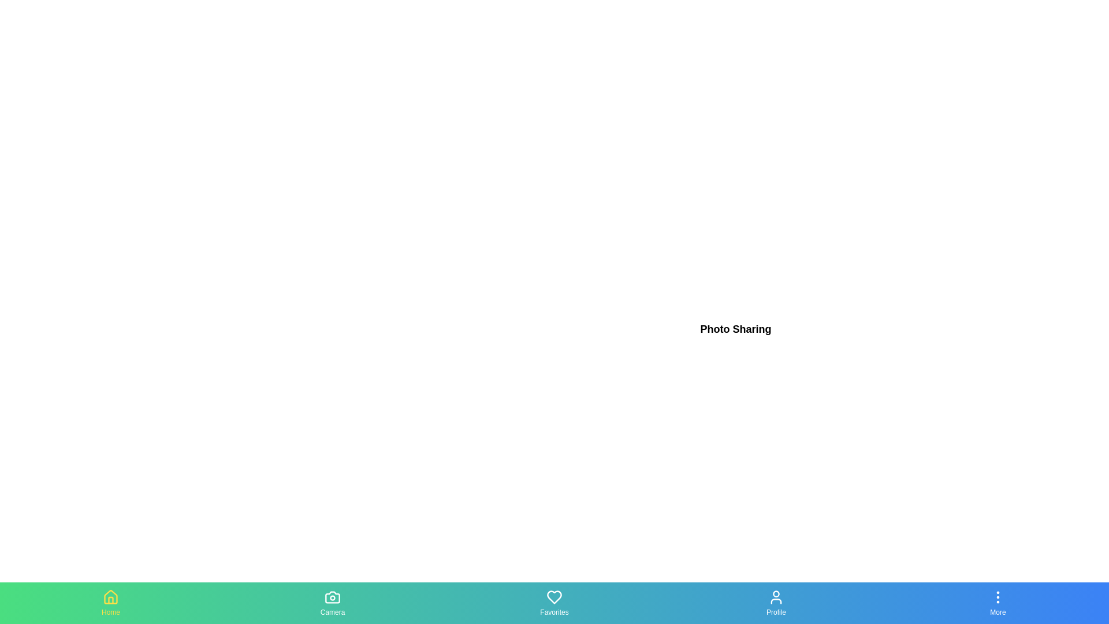 This screenshot has height=624, width=1109. I want to click on the Favorites navigation icon, so click(554, 603).